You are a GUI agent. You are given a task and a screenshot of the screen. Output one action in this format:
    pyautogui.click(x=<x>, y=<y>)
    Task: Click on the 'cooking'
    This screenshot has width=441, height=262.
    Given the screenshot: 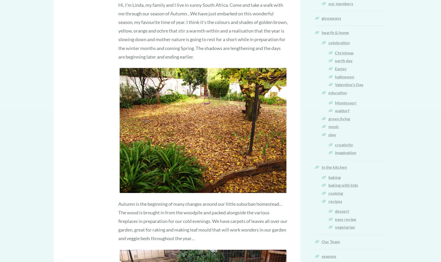 What is the action you would take?
    pyautogui.click(x=335, y=193)
    